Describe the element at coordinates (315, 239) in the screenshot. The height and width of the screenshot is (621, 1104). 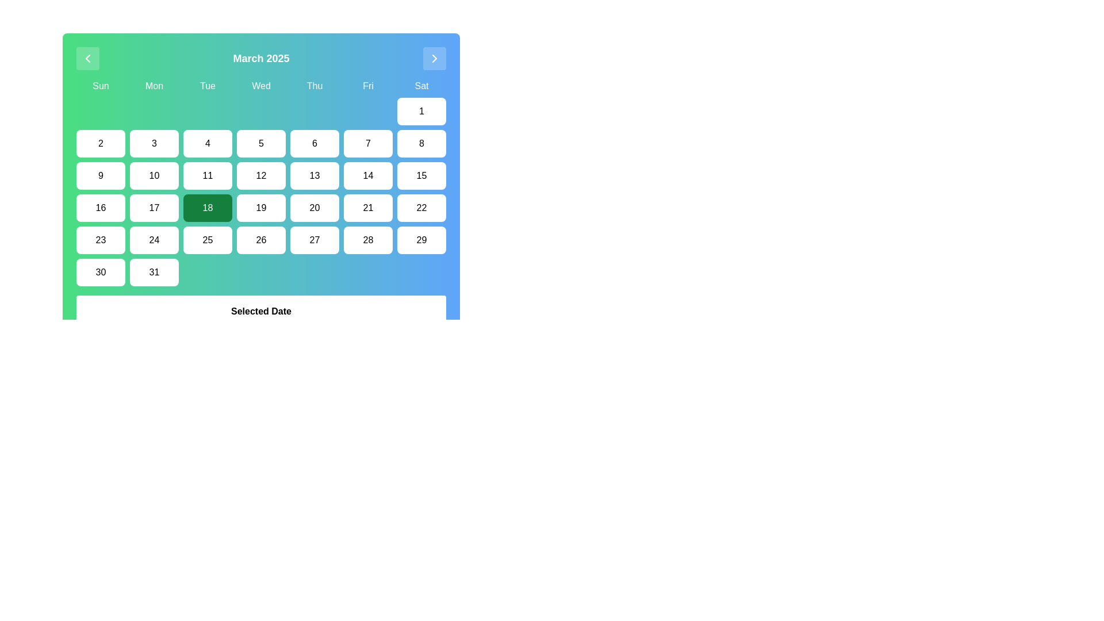
I see `the button labeled '27' in the last row of the calendar grid, which represents Friday` at that location.